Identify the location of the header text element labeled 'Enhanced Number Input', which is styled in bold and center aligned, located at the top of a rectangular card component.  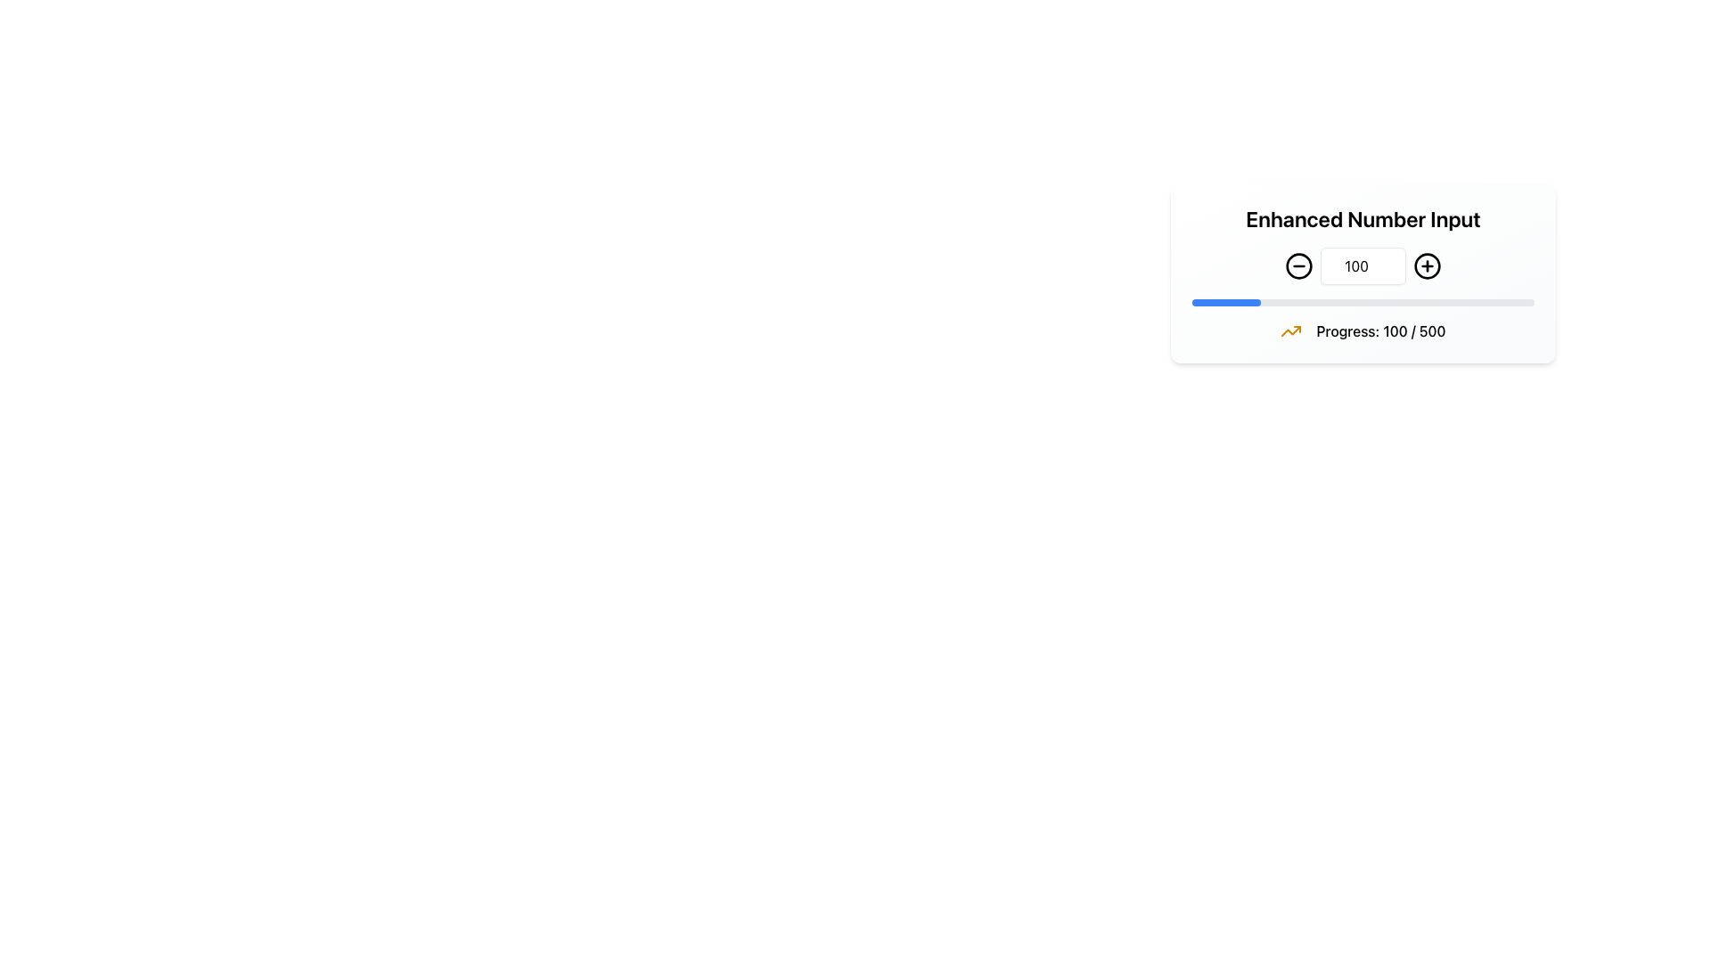
(1363, 225).